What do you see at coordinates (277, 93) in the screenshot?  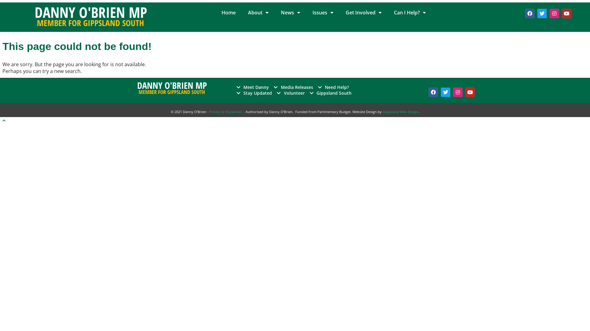 I see `'Volunteer'` at bounding box center [277, 93].